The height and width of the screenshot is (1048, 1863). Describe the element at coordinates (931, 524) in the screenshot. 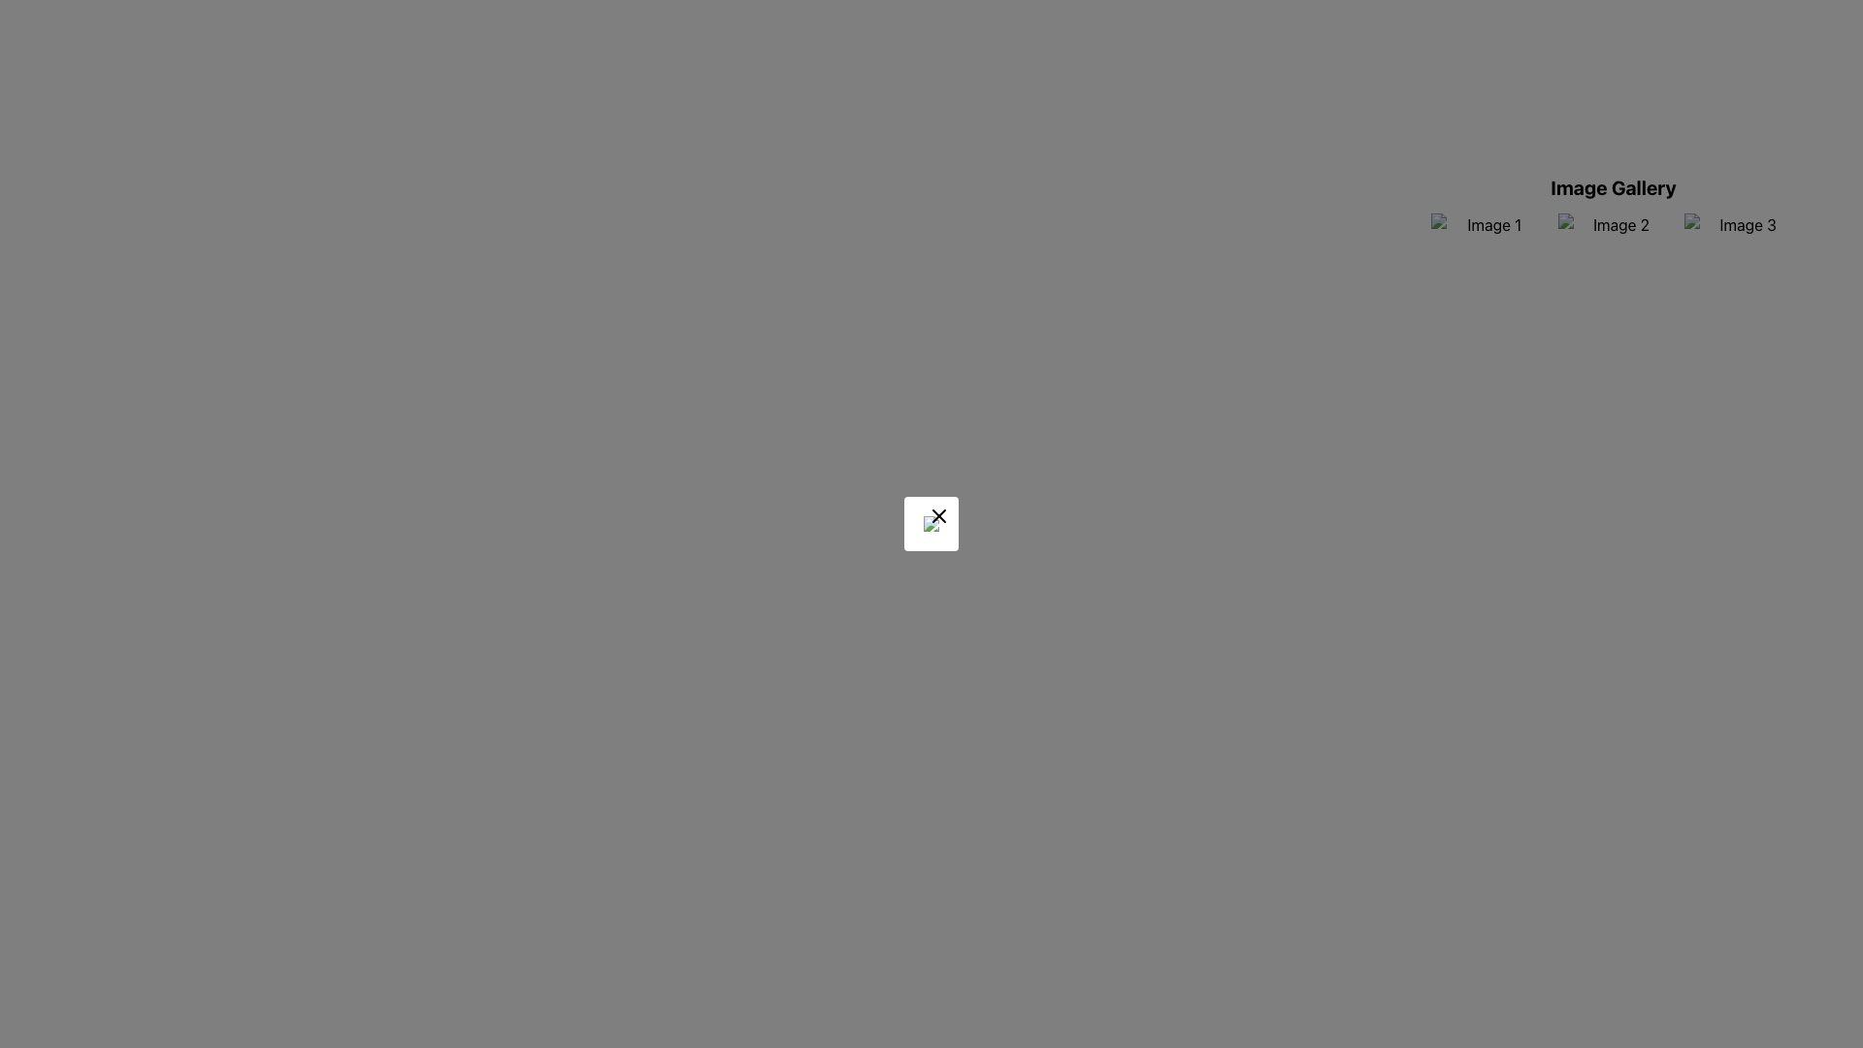

I see `the centrally positioned image placeholder with overlay that indicates missing content` at that location.